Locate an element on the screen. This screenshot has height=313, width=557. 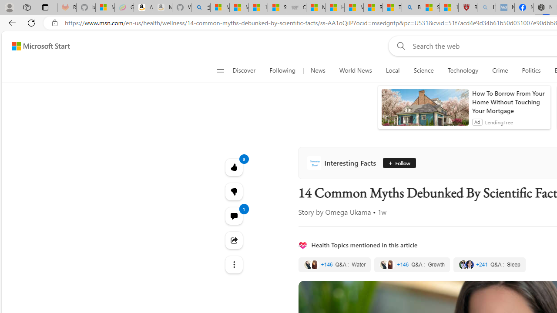
'Growth' is located at coordinates (412, 264).